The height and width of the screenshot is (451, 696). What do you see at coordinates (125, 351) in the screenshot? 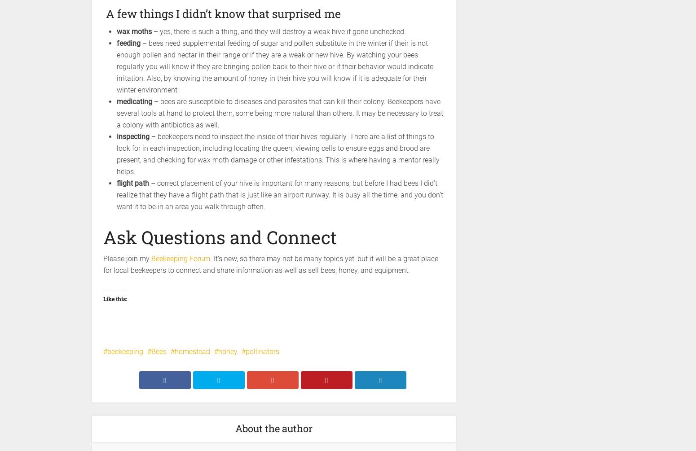
I see `'beekeeping'` at bounding box center [125, 351].